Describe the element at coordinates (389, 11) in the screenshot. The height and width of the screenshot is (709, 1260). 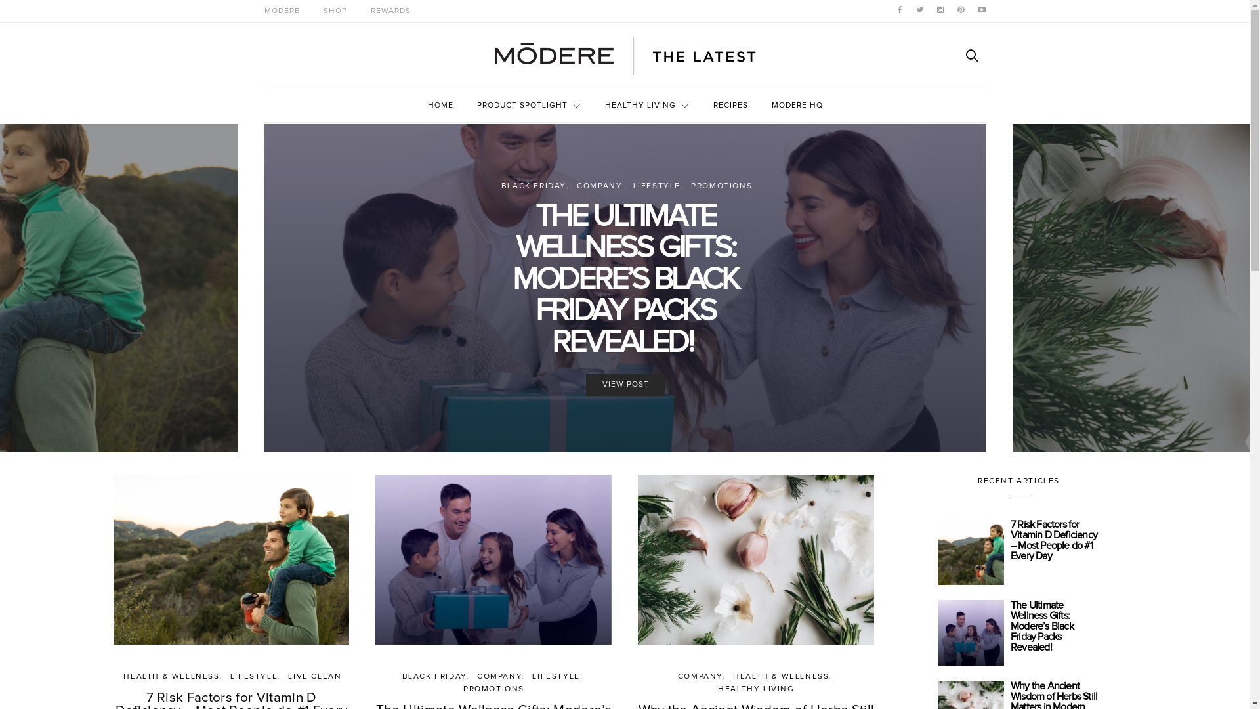
I see `'REWARDS'` at that location.